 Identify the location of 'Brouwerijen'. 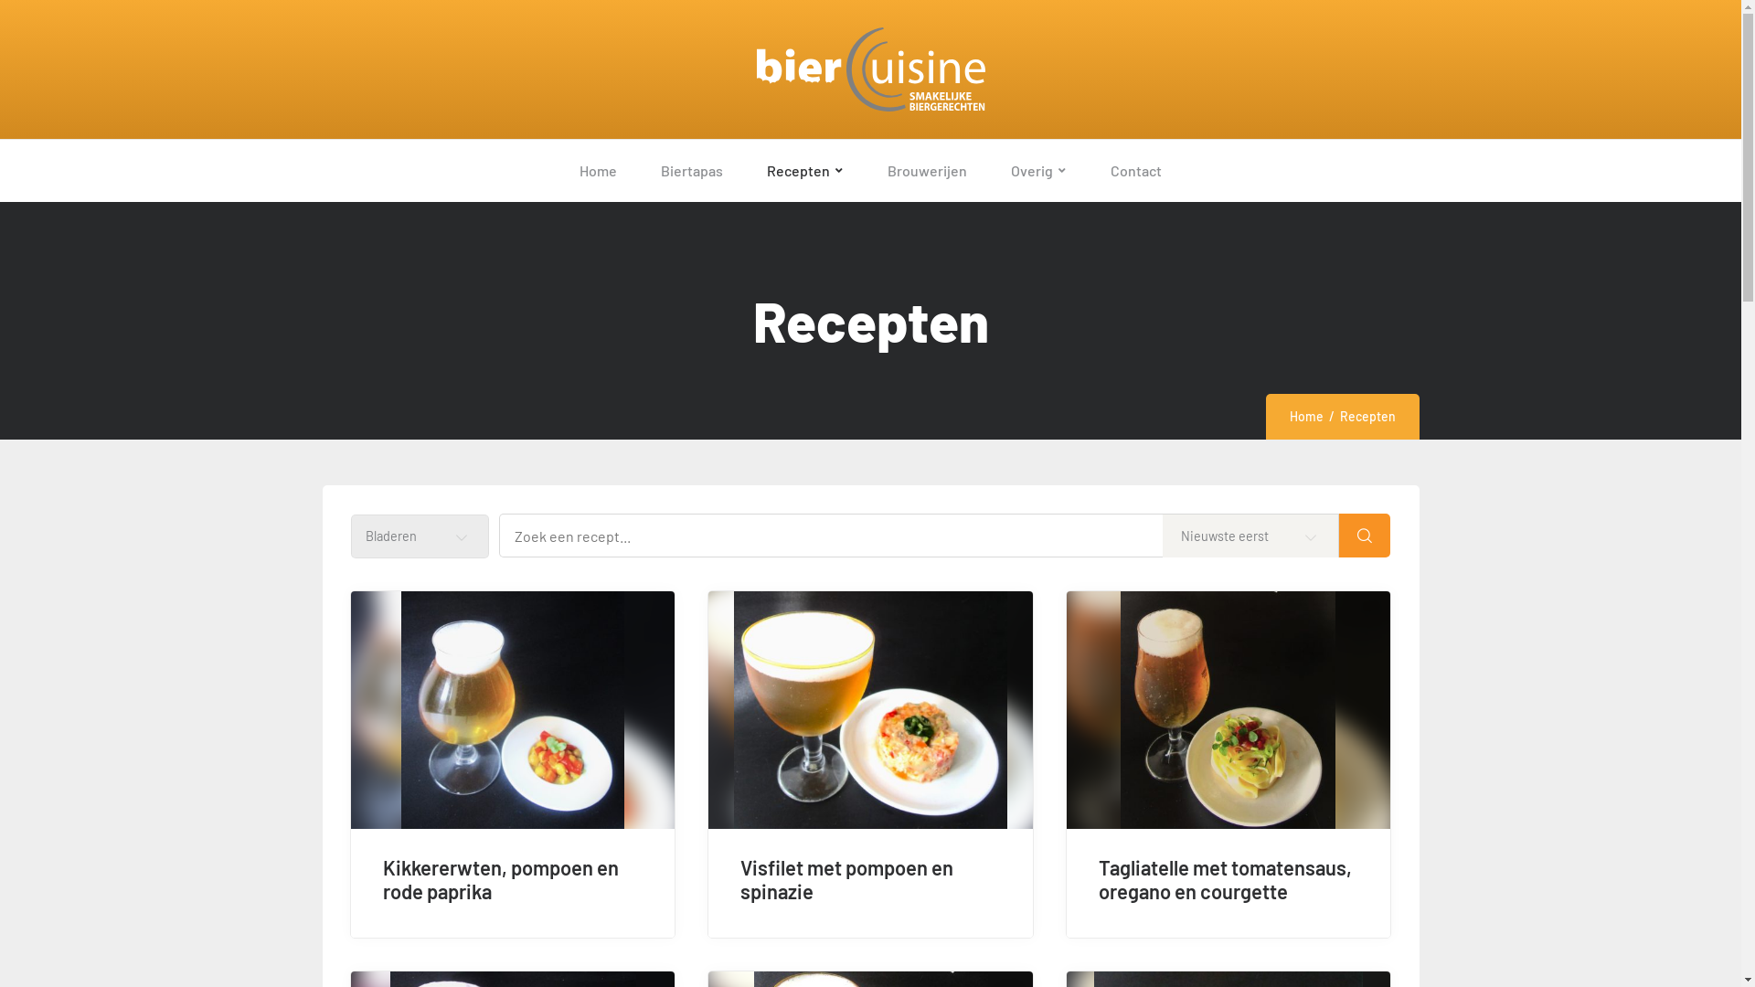
(864, 170).